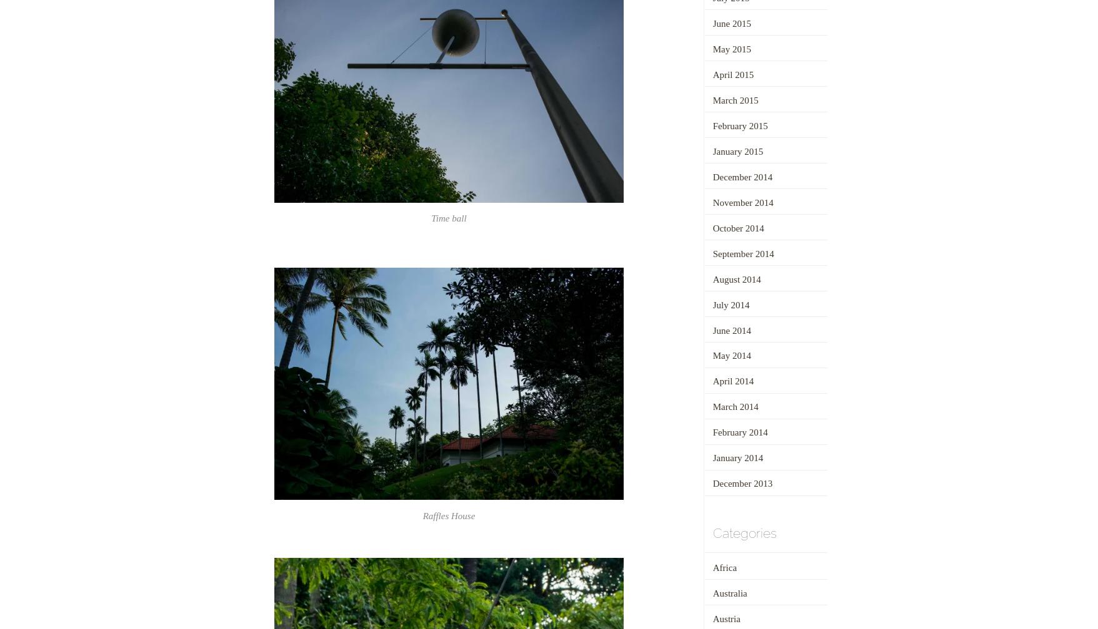 This screenshot has width=1098, height=629. What do you see at coordinates (737, 227) in the screenshot?
I see `'October 2014'` at bounding box center [737, 227].